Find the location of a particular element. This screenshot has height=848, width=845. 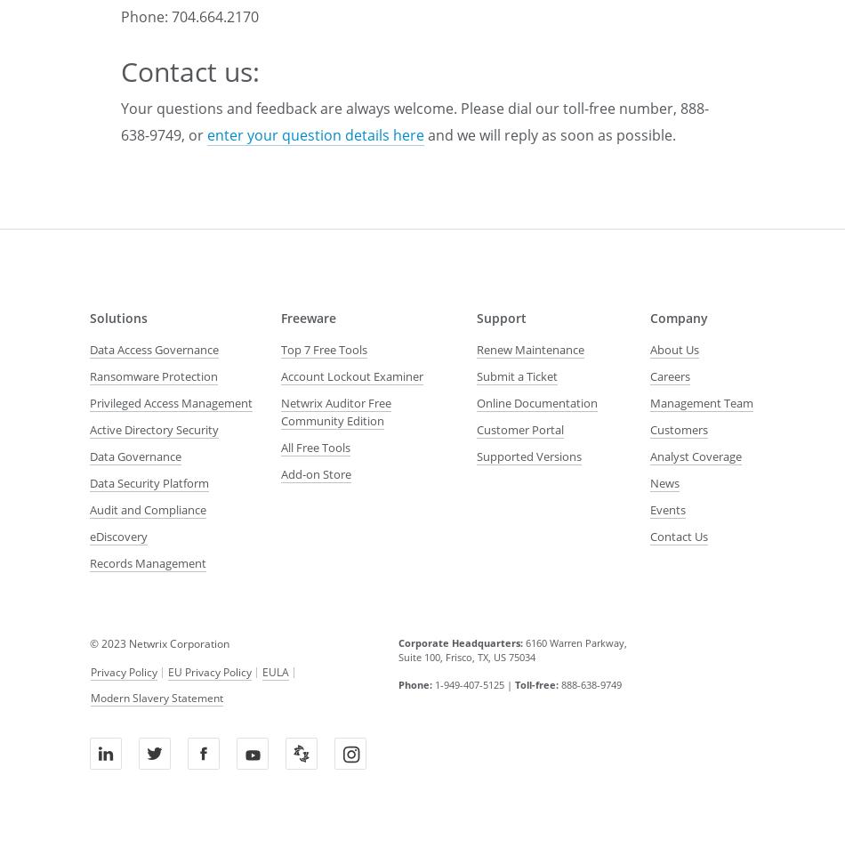

'and we will reply as soon as possible.' is located at coordinates (550, 134).